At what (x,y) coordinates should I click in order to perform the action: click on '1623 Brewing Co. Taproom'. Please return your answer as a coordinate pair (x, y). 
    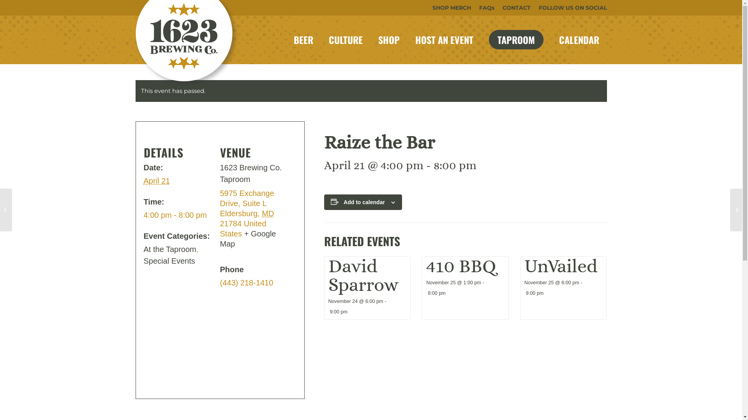
    Looking at the image, I should click on (219, 173).